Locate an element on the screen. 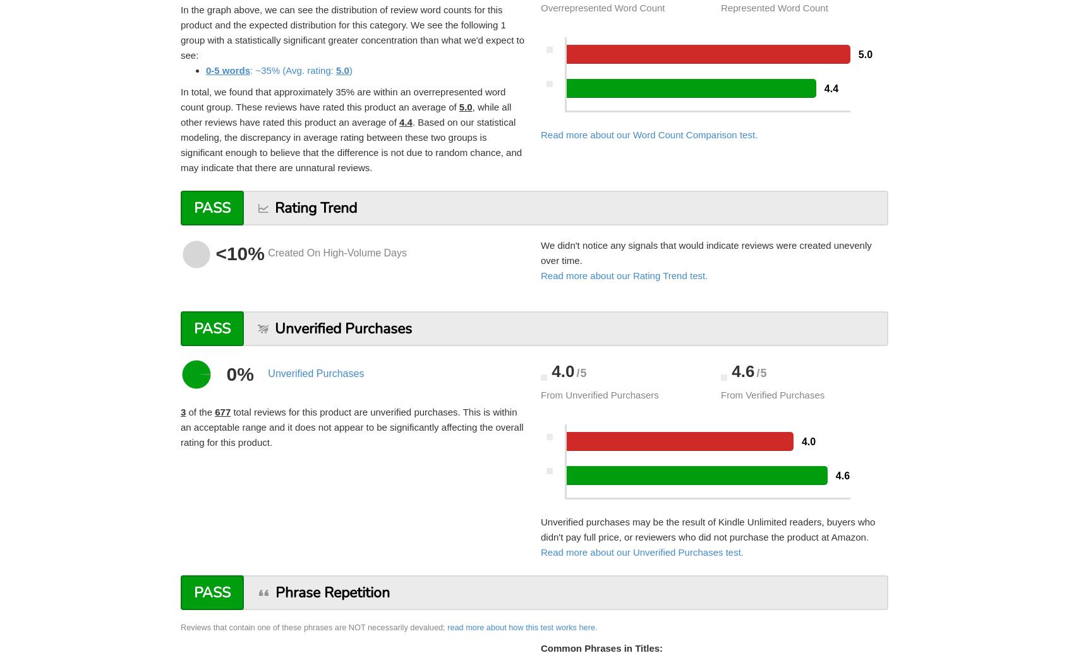 The height and width of the screenshot is (653, 1069). 'of the' is located at coordinates (185, 411).